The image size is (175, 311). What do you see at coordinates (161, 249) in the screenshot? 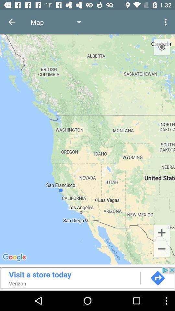
I see `the minus icon` at bounding box center [161, 249].